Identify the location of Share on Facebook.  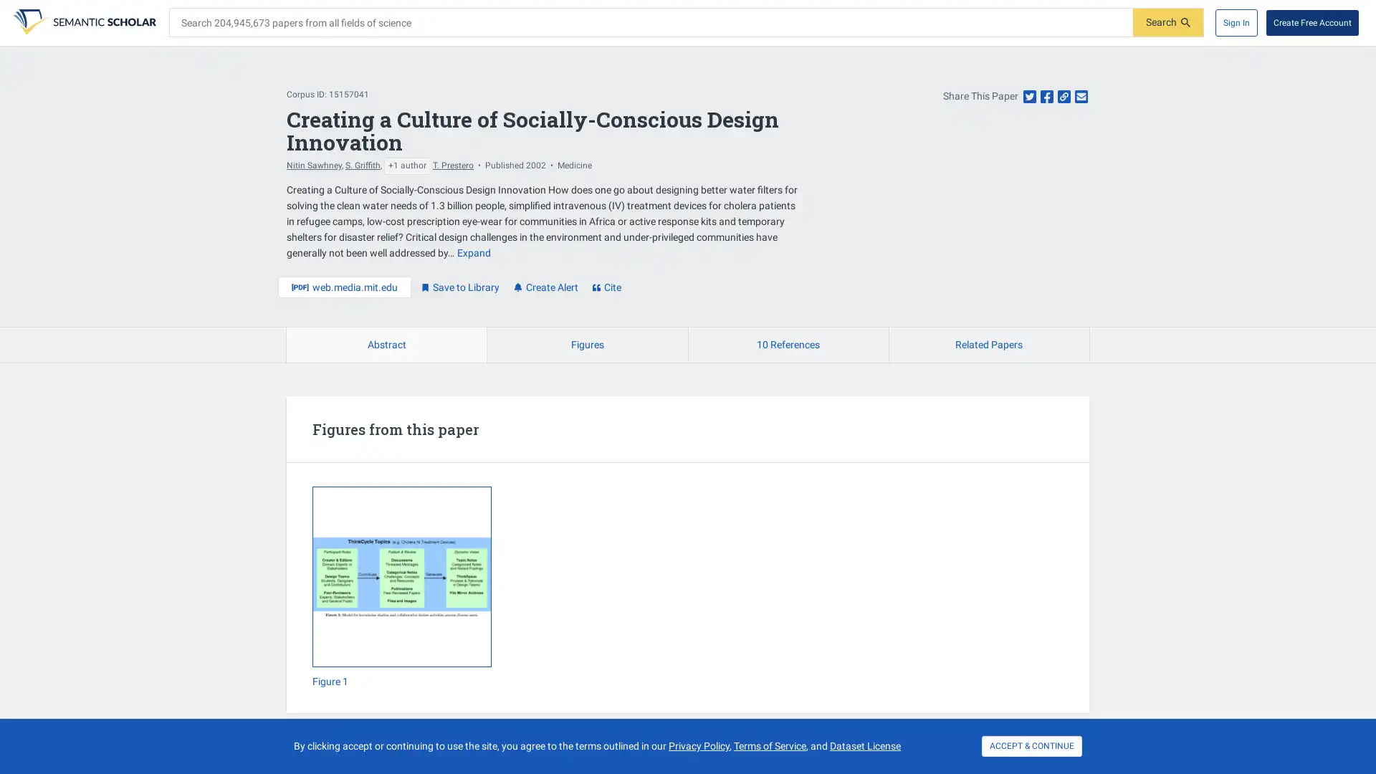
(1046, 97).